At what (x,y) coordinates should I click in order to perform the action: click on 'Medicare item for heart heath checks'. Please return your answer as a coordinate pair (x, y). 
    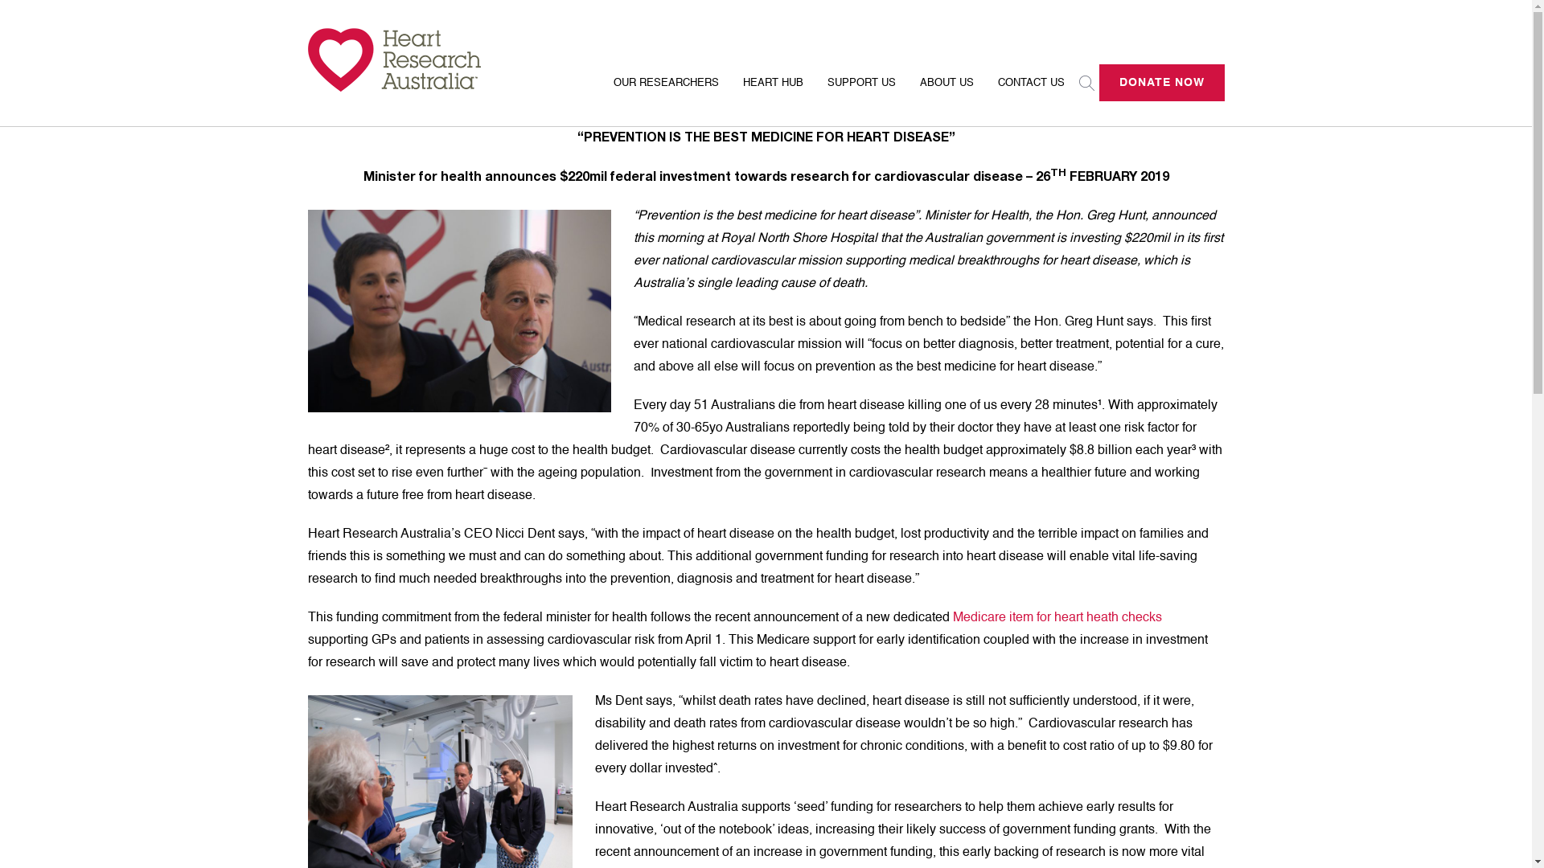
    Looking at the image, I should click on (1057, 616).